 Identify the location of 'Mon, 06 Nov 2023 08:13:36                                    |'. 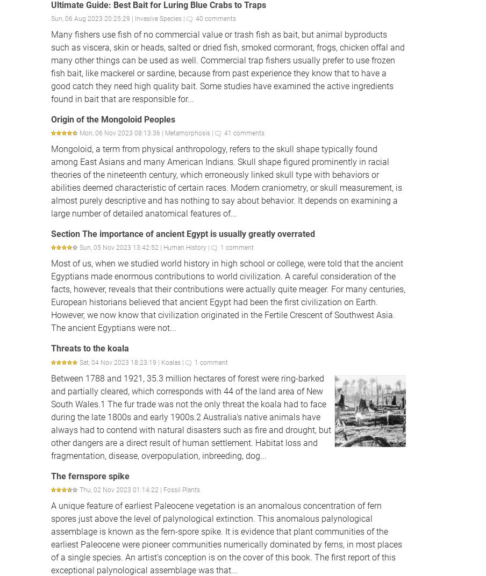
(121, 133).